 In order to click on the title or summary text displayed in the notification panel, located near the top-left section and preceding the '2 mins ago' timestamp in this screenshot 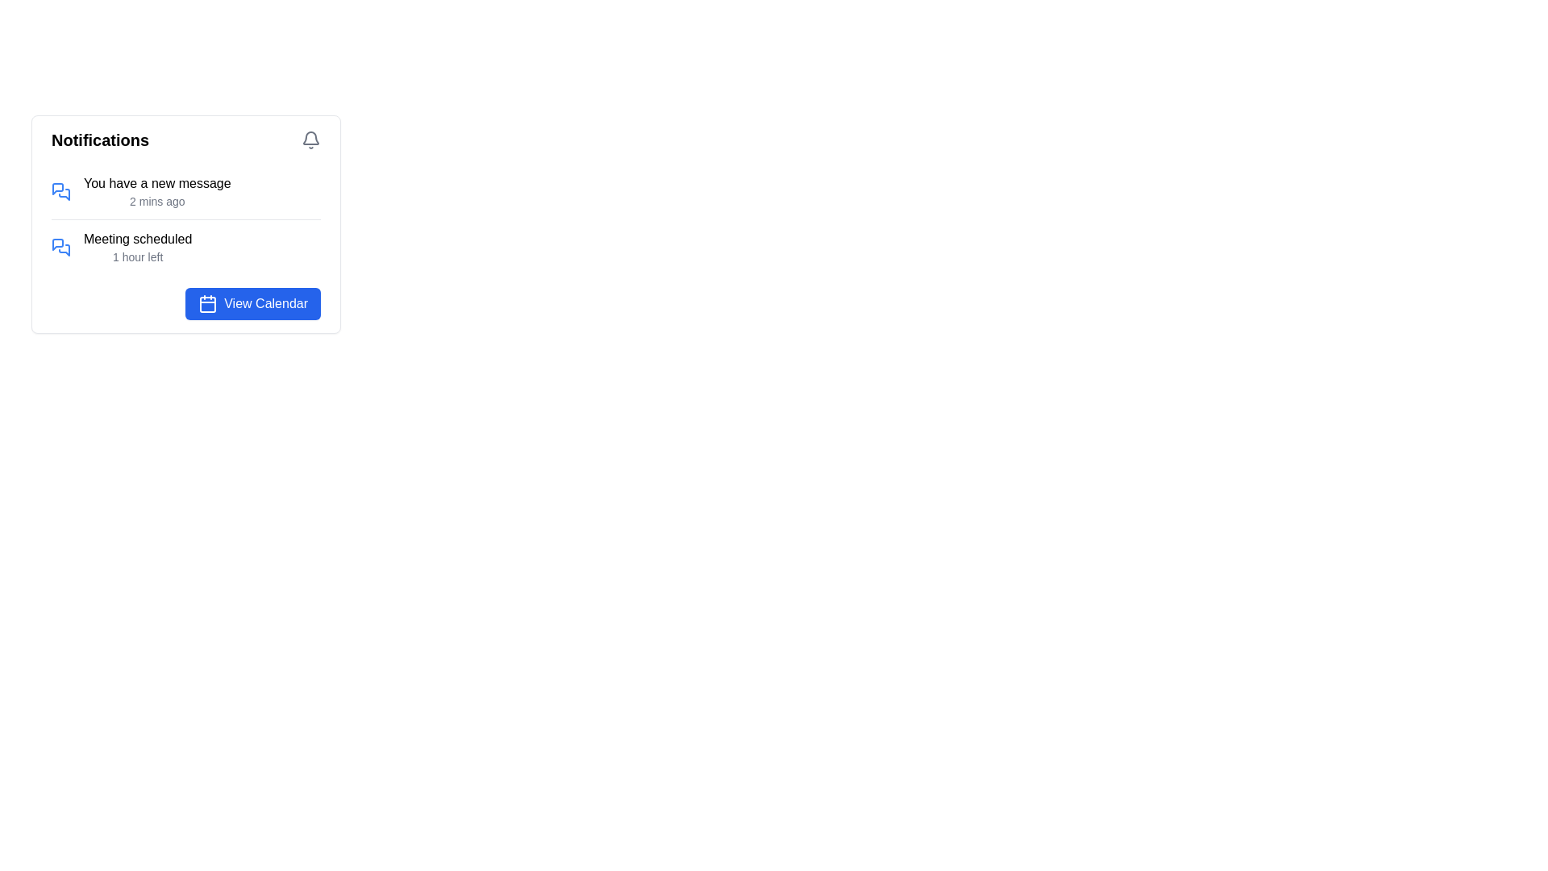, I will do `click(157, 182)`.